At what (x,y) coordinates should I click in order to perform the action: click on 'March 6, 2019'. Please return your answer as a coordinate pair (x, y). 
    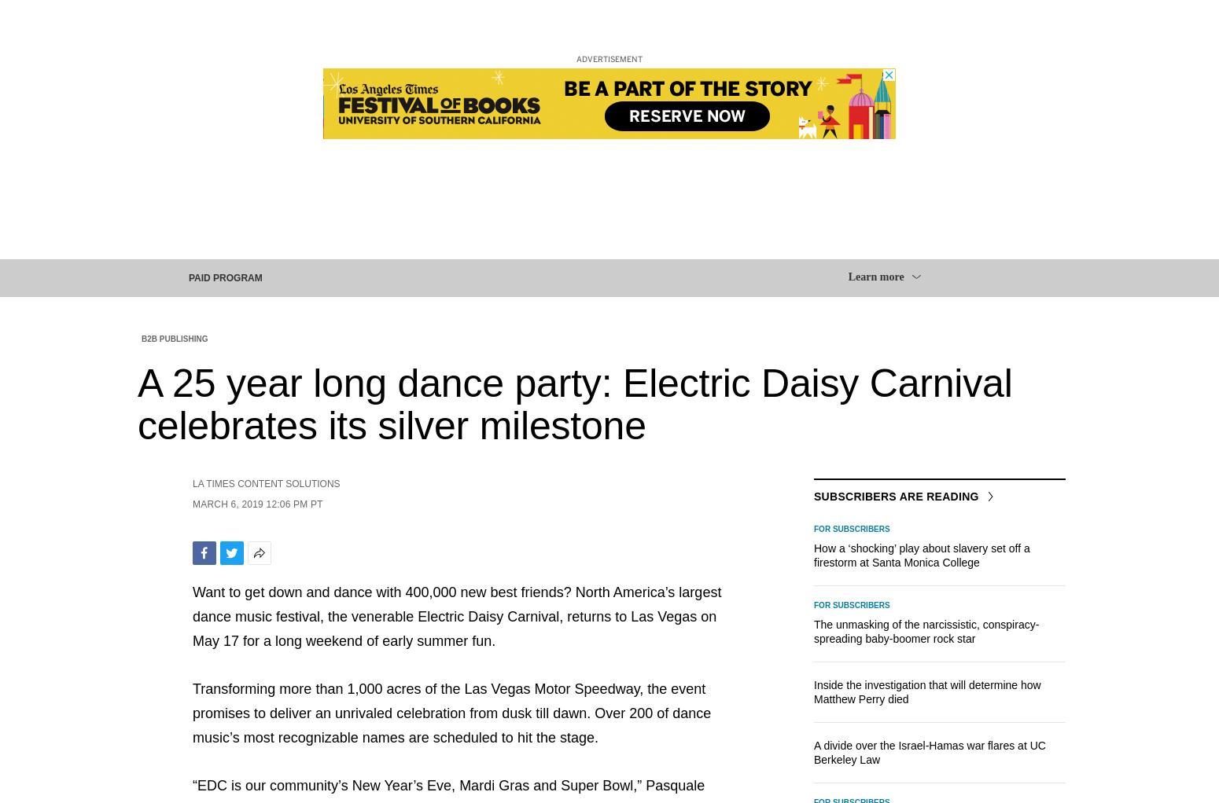
    Looking at the image, I should click on (193, 504).